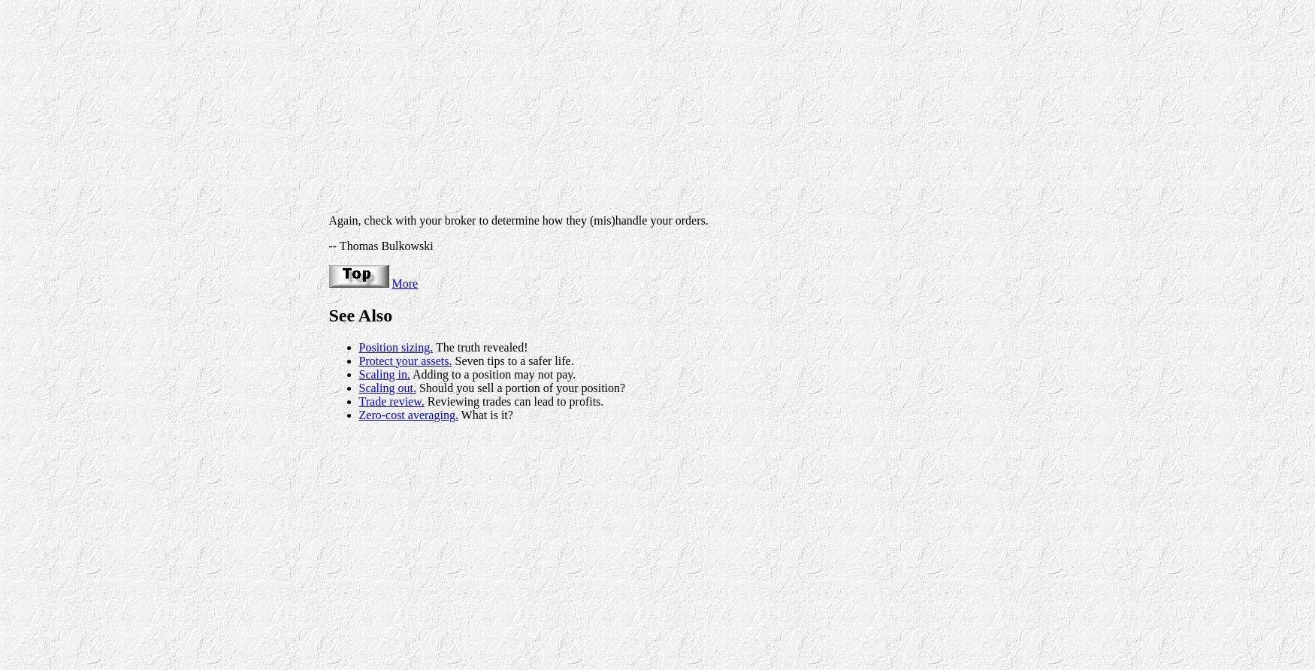 This screenshot has height=670, width=1315. I want to click on 'The truth revealed!', so click(479, 346).